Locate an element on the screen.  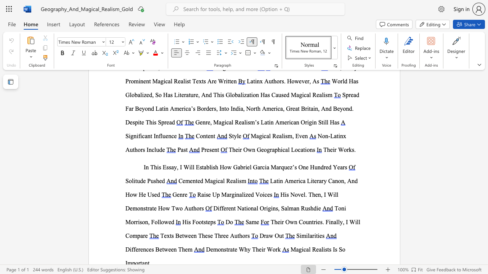
the subset text "e Auth" within the text "Texts Between These Three Authors" is located at coordinates (225, 235).